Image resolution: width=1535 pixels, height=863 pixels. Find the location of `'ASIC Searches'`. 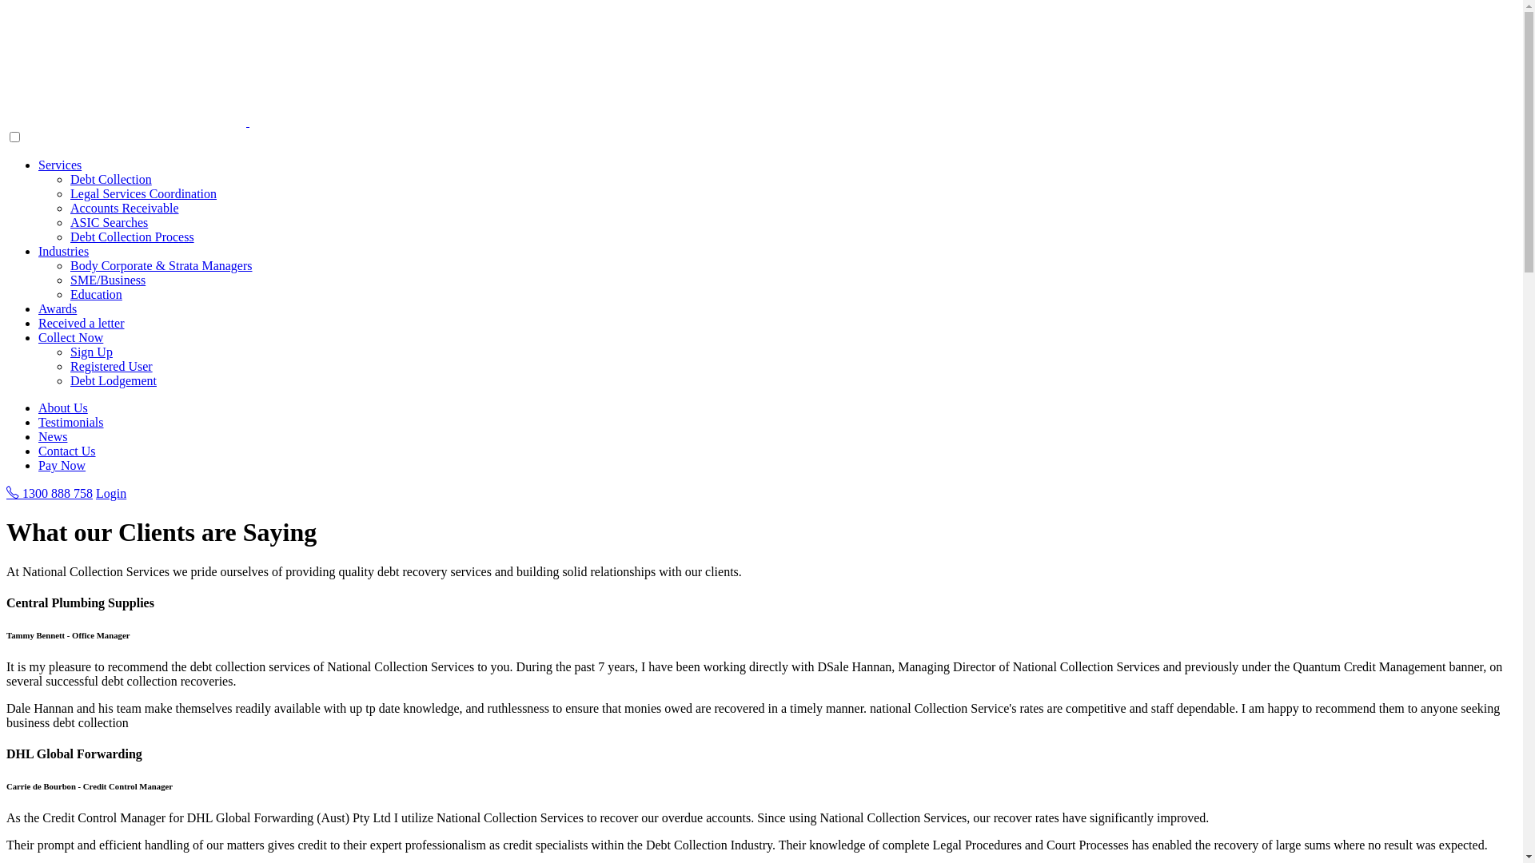

'ASIC Searches' is located at coordinates (69, 222).